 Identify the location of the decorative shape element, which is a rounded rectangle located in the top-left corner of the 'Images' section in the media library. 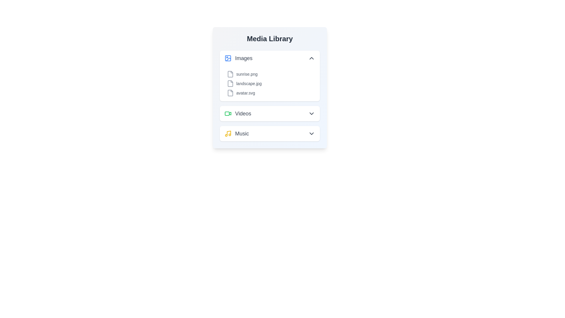
(227, 58).